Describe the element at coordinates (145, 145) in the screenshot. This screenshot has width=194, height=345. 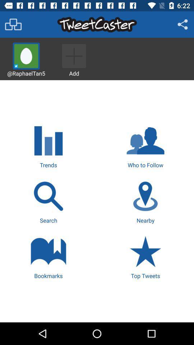
I see `the item next to trends` at that location.